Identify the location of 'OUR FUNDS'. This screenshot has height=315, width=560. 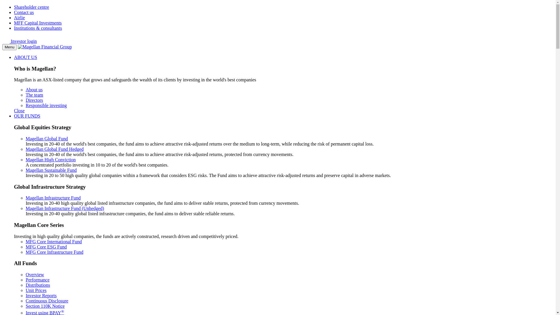
(14, 116).